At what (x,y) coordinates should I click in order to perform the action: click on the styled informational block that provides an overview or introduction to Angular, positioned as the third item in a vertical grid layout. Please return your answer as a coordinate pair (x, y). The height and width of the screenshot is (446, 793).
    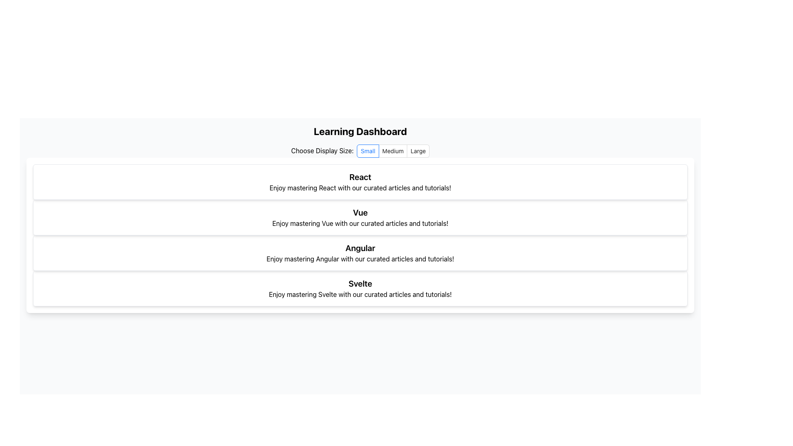
    Looking at the image, I should click on (360, 253).